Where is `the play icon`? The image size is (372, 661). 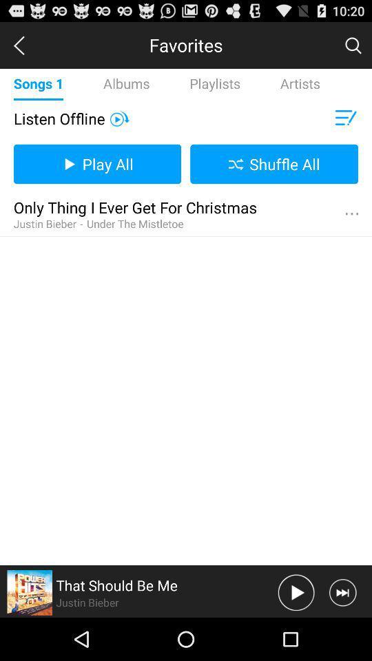 the play icon is located at coordinates (296, 634).